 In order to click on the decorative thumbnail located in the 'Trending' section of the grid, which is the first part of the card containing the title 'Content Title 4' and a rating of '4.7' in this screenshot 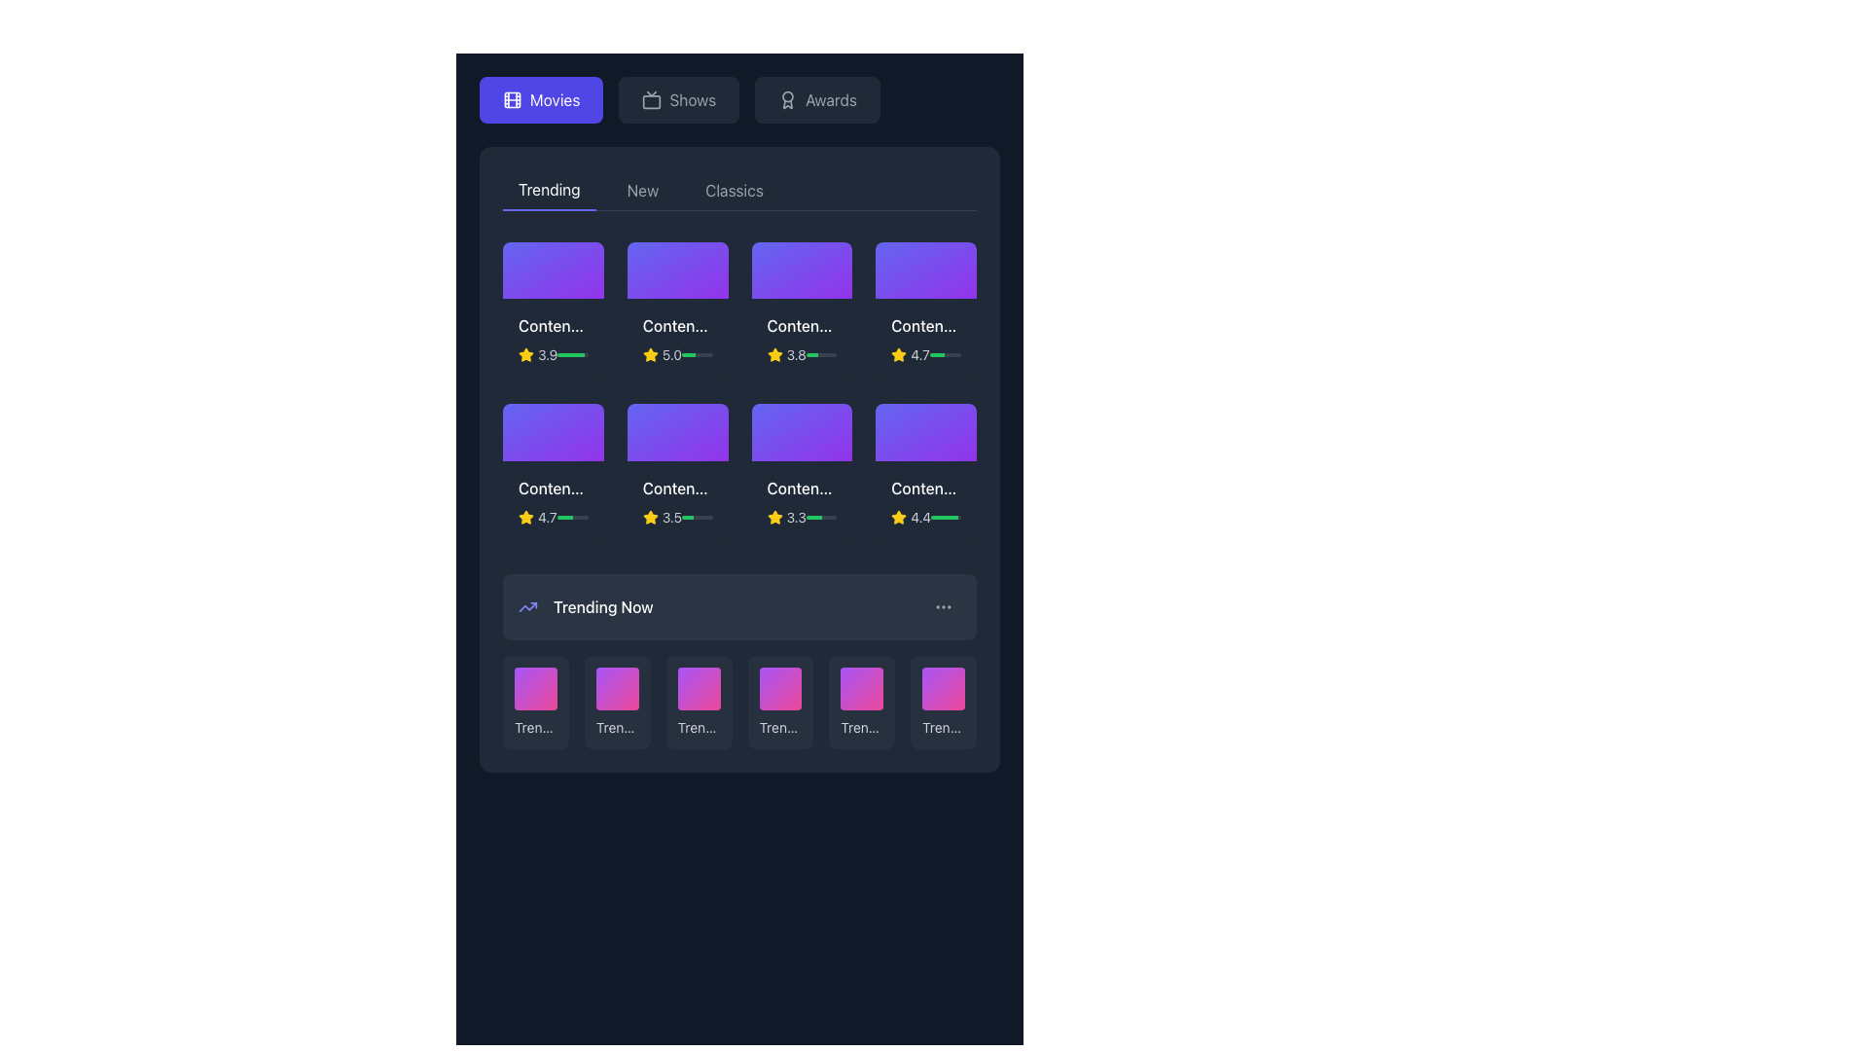, I will do `click(925, 271)`.